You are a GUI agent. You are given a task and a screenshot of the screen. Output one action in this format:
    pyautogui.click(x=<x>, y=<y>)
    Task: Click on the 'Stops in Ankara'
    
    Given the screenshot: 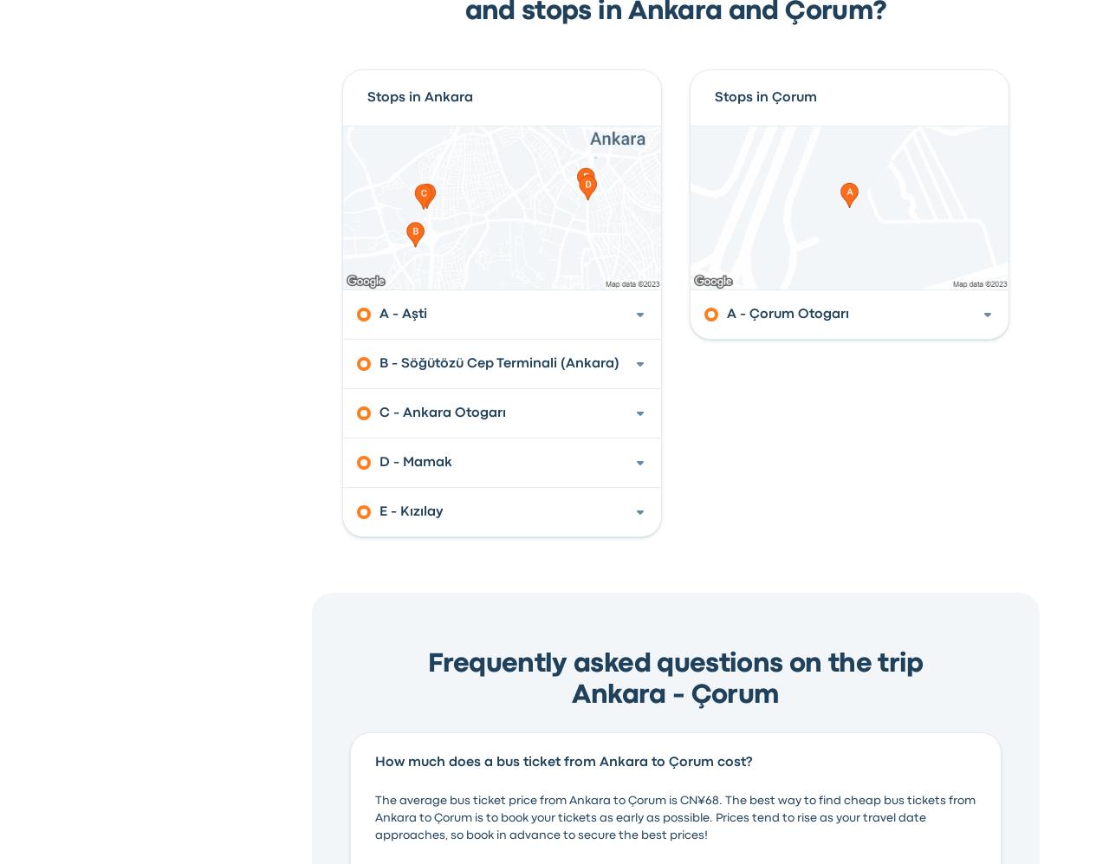 What is the action you would take?
    pyautogui.click(x=418, y=97)
    